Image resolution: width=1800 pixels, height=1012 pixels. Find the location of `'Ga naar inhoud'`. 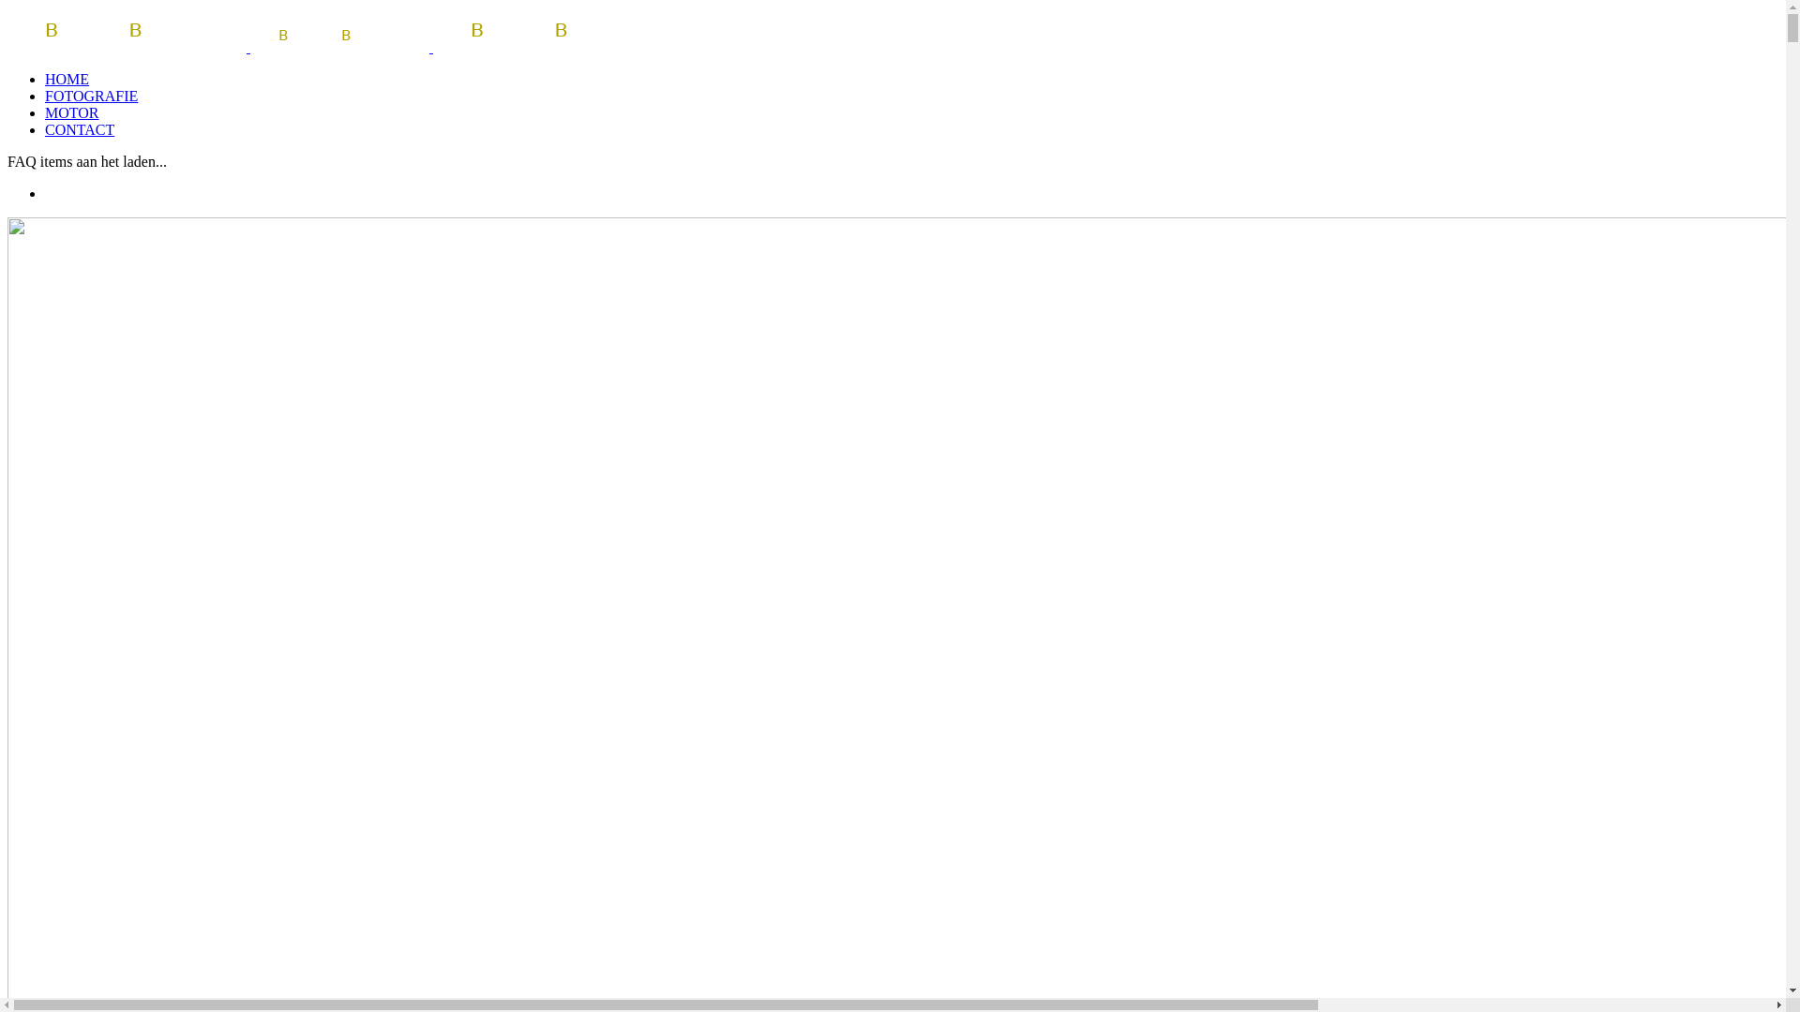

'Ga naar inhoud' is located at coordinates (7, 7).